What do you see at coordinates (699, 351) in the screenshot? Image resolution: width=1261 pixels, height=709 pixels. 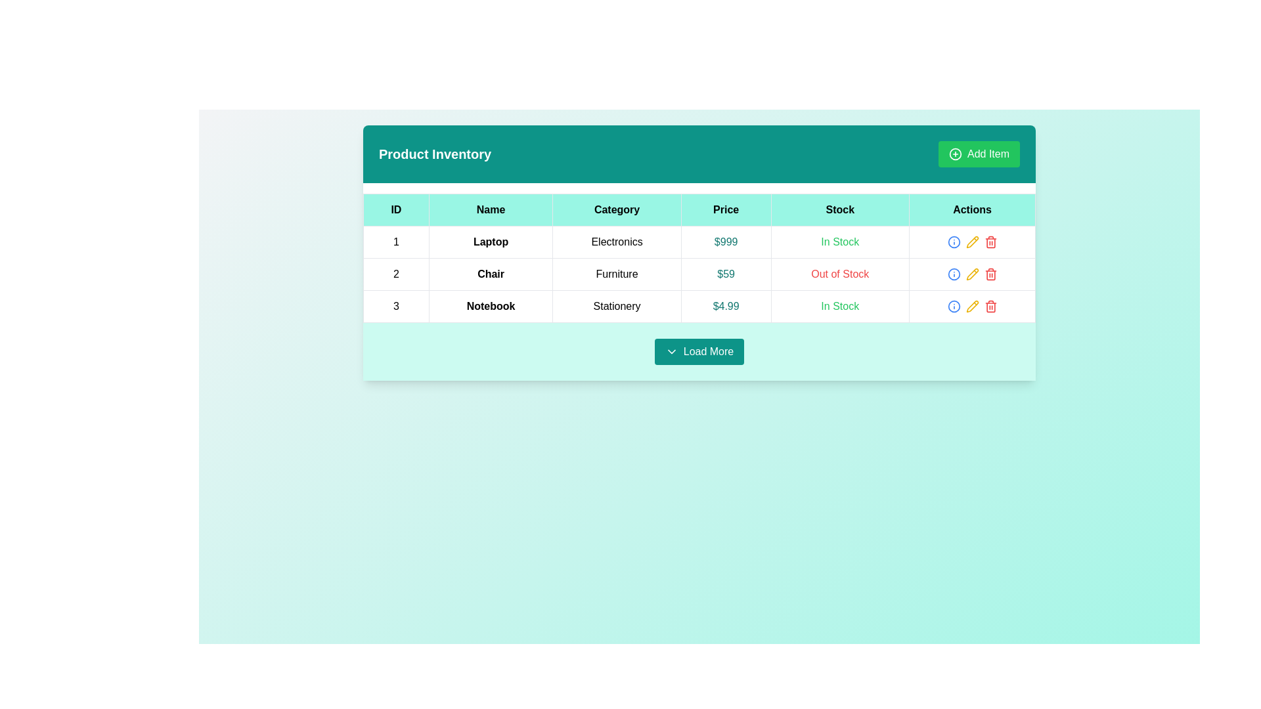 I see `the 'Load More' button located at the bottom of the 'Product Inventory' table to load additional content` at bounding box center [699, 351].